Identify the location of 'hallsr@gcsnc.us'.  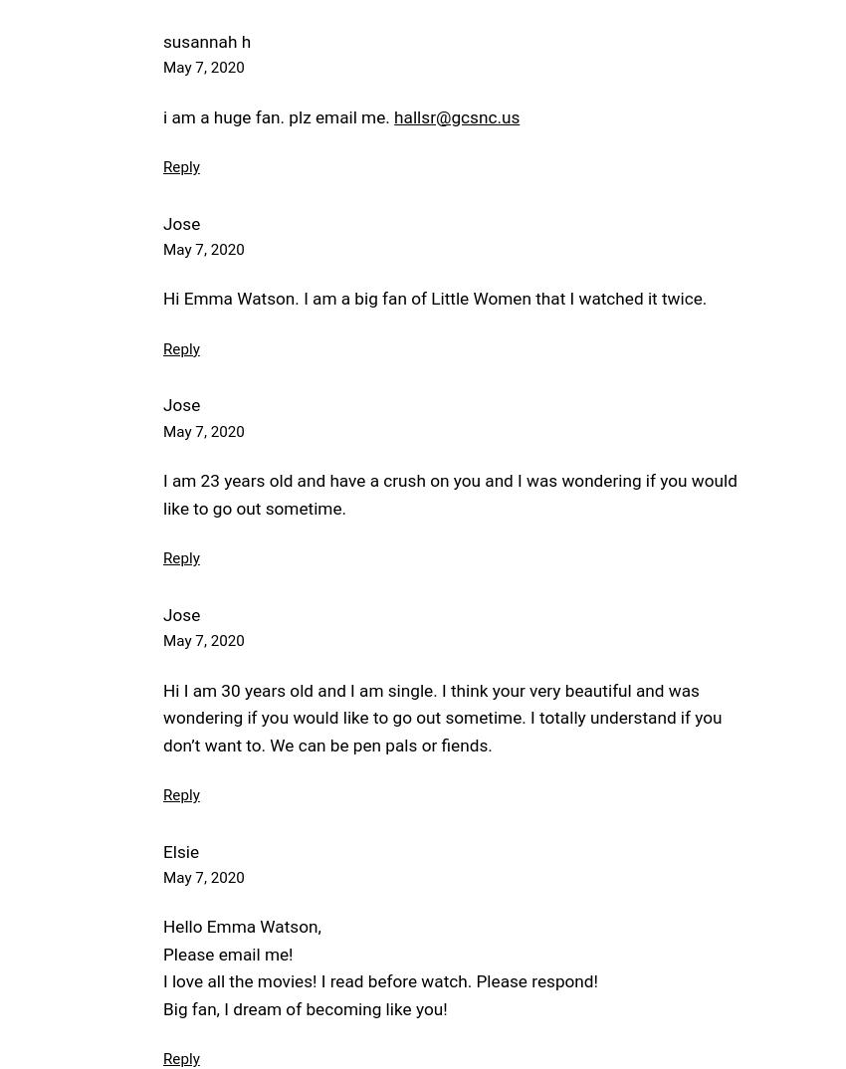
(394, 114).